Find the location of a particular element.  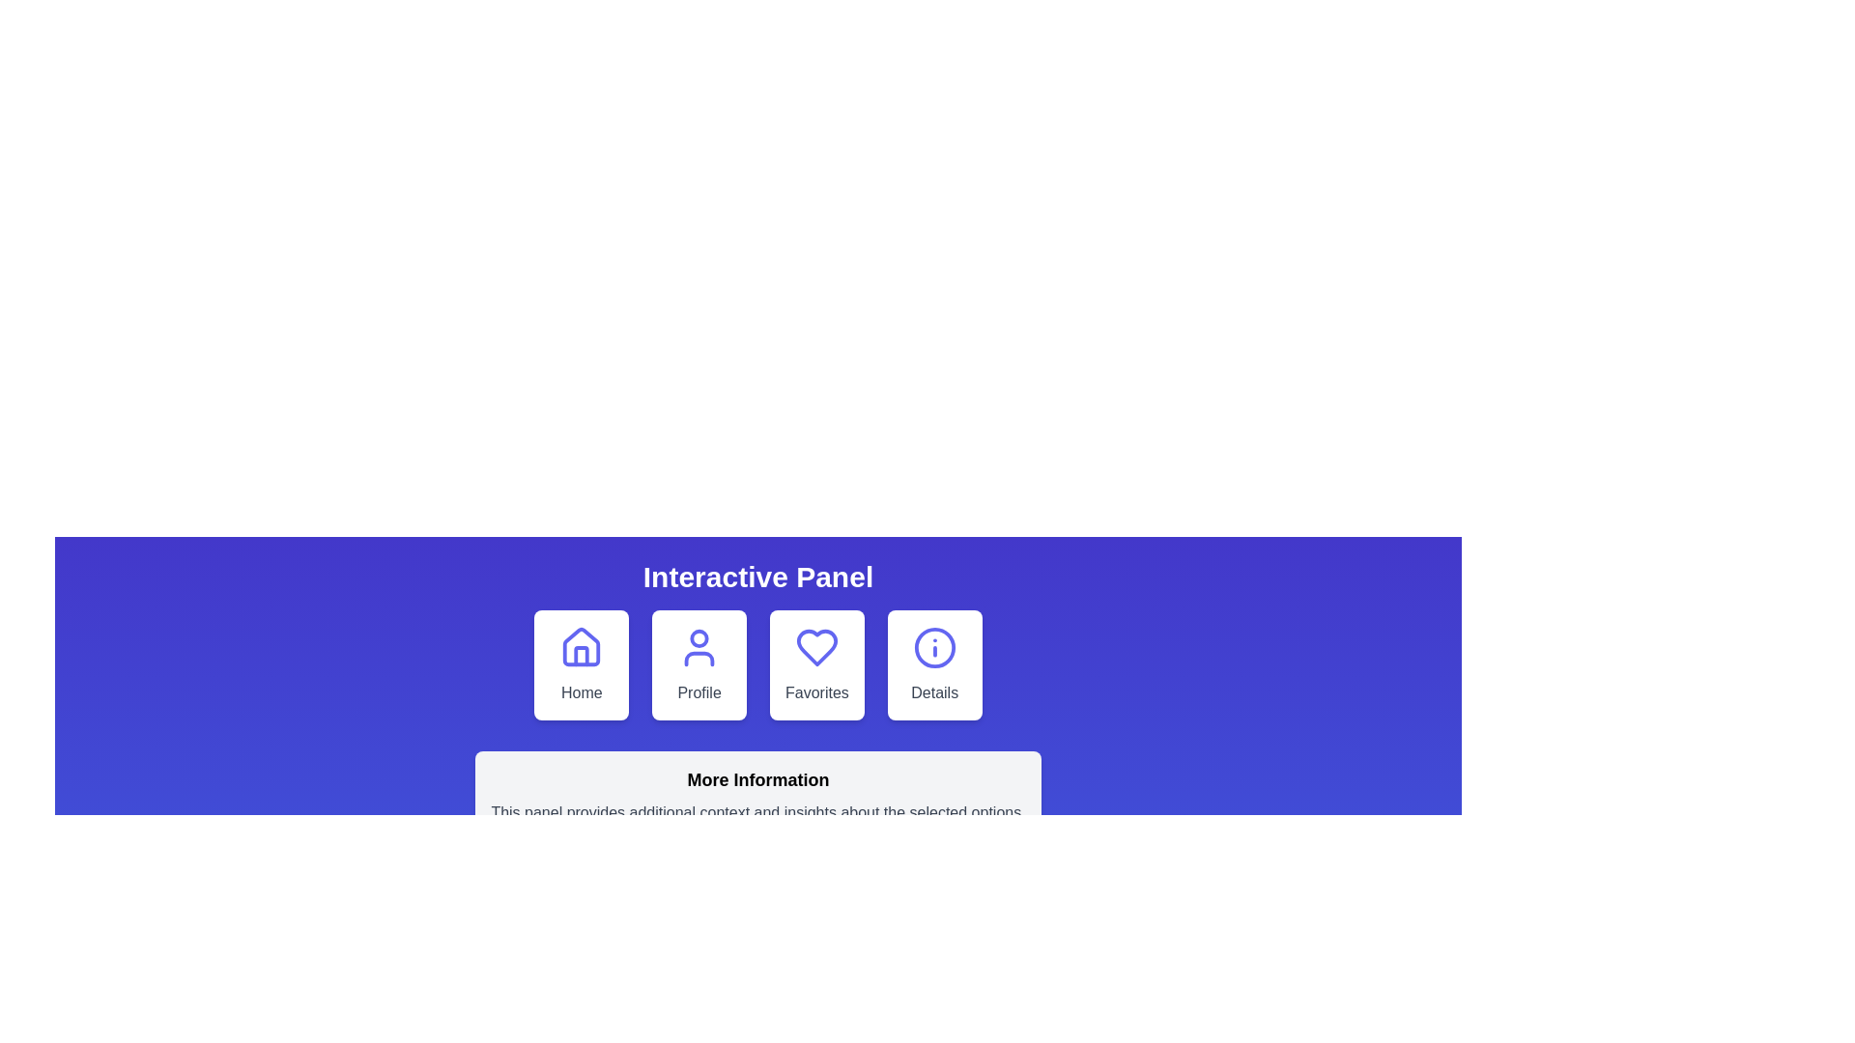

and interpret the descriptive message provided by the static text located beneath the 'More Information' header in a light-gray box is located at coordinates (757, 812).